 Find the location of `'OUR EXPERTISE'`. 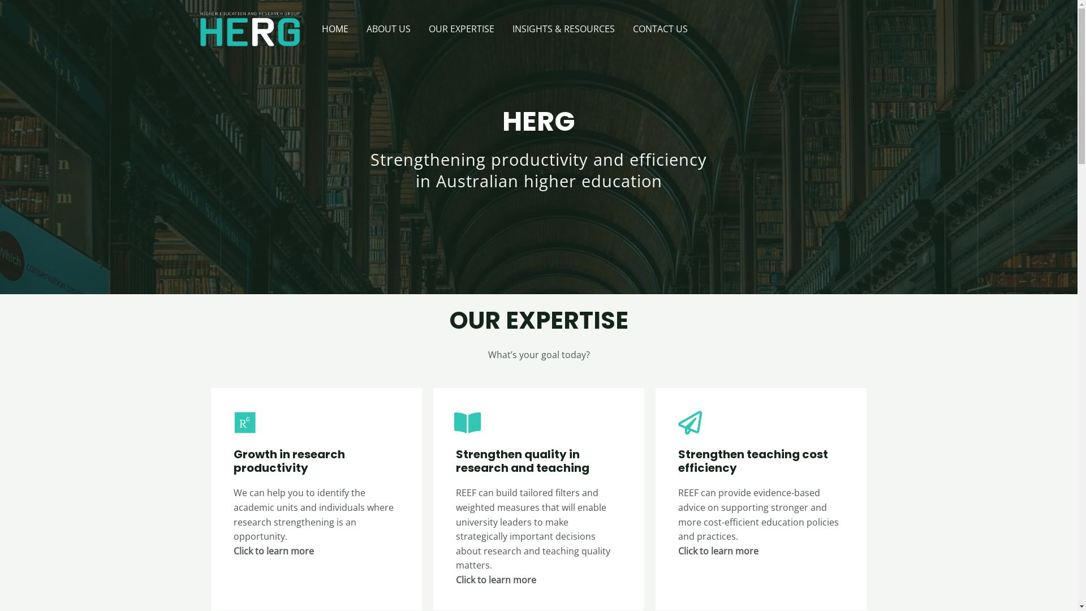

'OUR EXPERTISE' is located at coordinates (462, 28).